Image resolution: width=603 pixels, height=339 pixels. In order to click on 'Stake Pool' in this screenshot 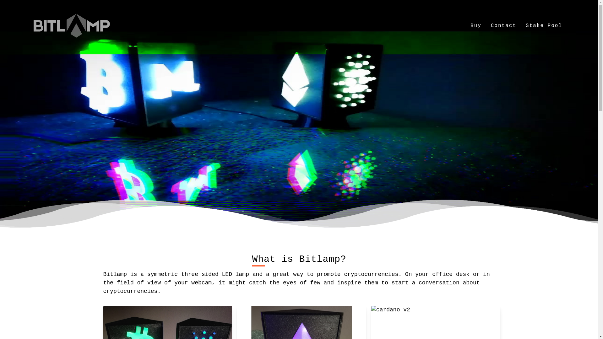, I will do `click(544, 25)`.